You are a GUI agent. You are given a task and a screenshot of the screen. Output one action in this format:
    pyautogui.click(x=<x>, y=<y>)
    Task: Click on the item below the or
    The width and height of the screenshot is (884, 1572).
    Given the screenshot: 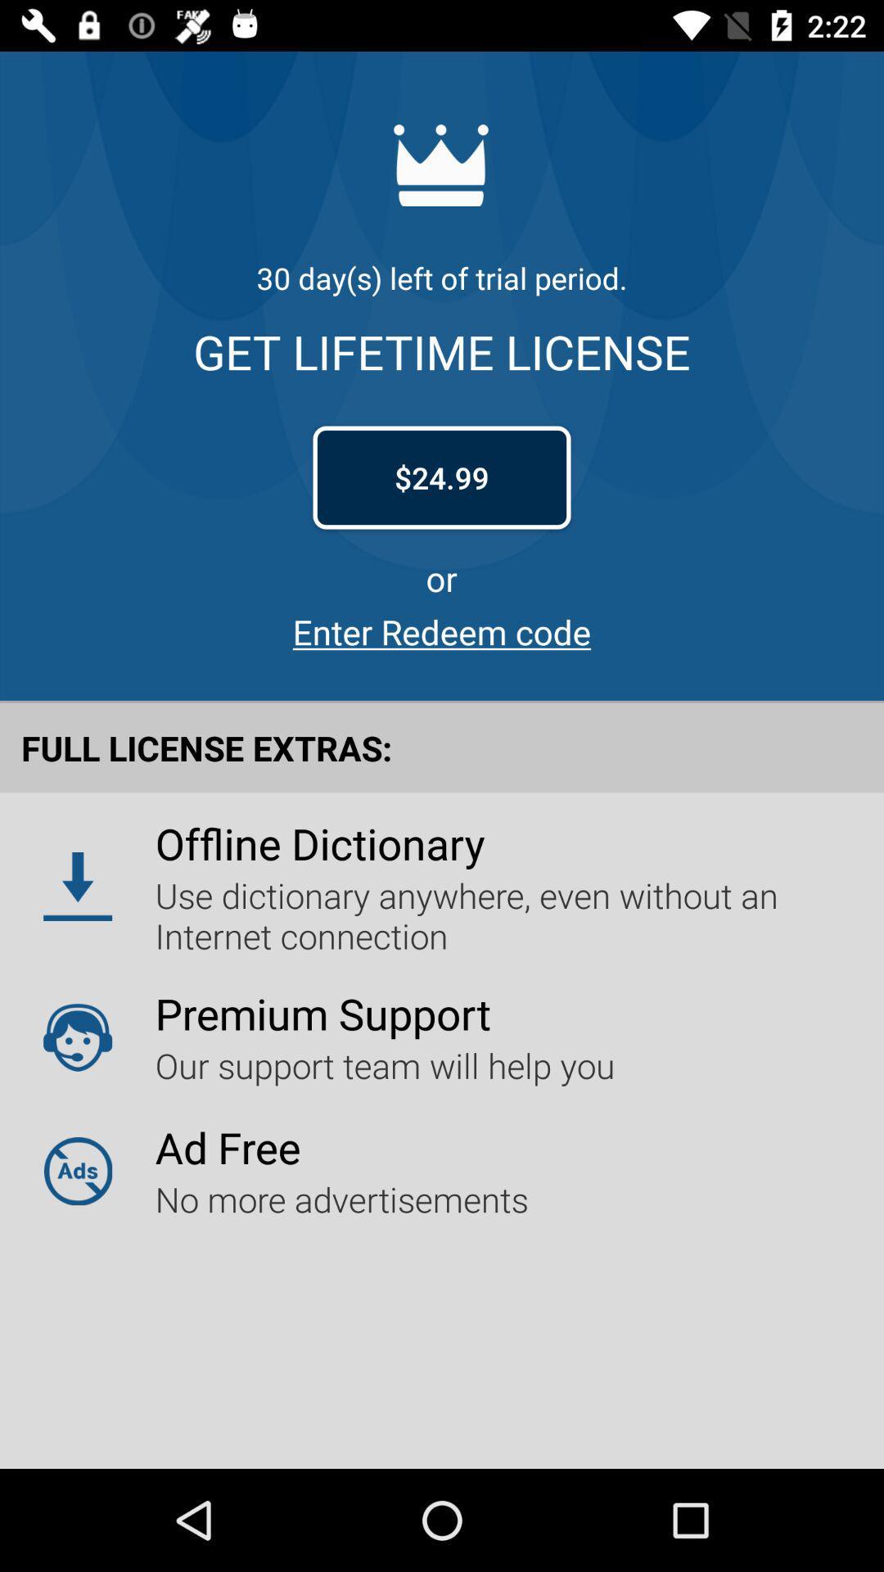 What is the action you would take?
    pyautogui.click(x=442, y=630)
    